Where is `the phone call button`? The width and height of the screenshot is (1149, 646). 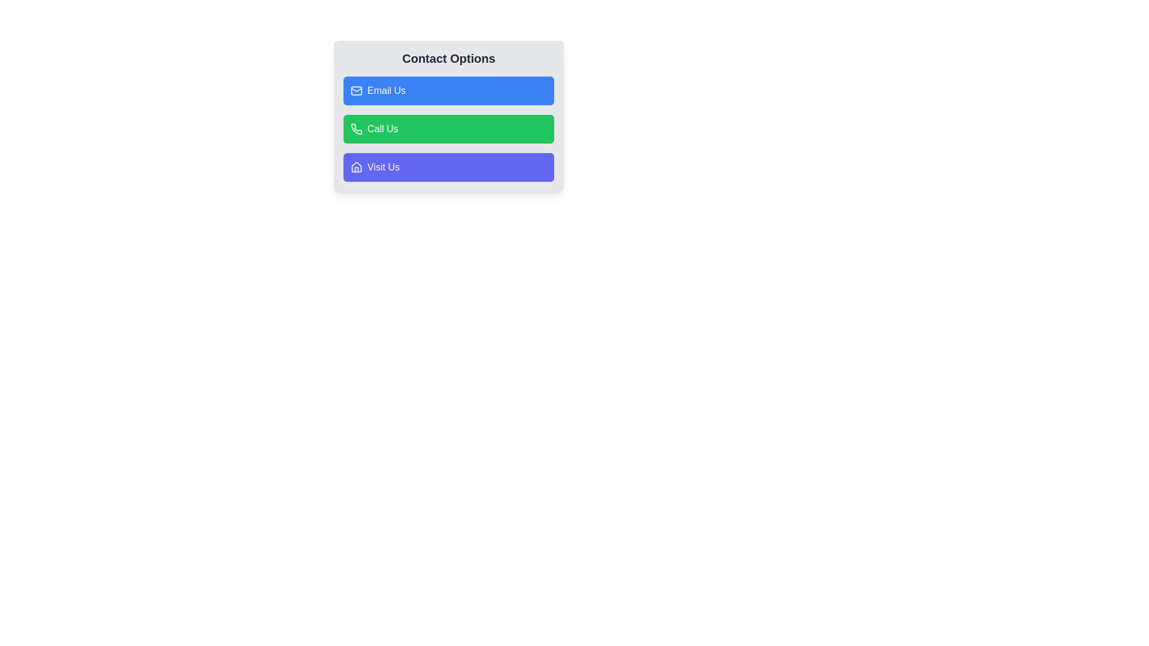
the phone call button is located at coordinates (448, 115).